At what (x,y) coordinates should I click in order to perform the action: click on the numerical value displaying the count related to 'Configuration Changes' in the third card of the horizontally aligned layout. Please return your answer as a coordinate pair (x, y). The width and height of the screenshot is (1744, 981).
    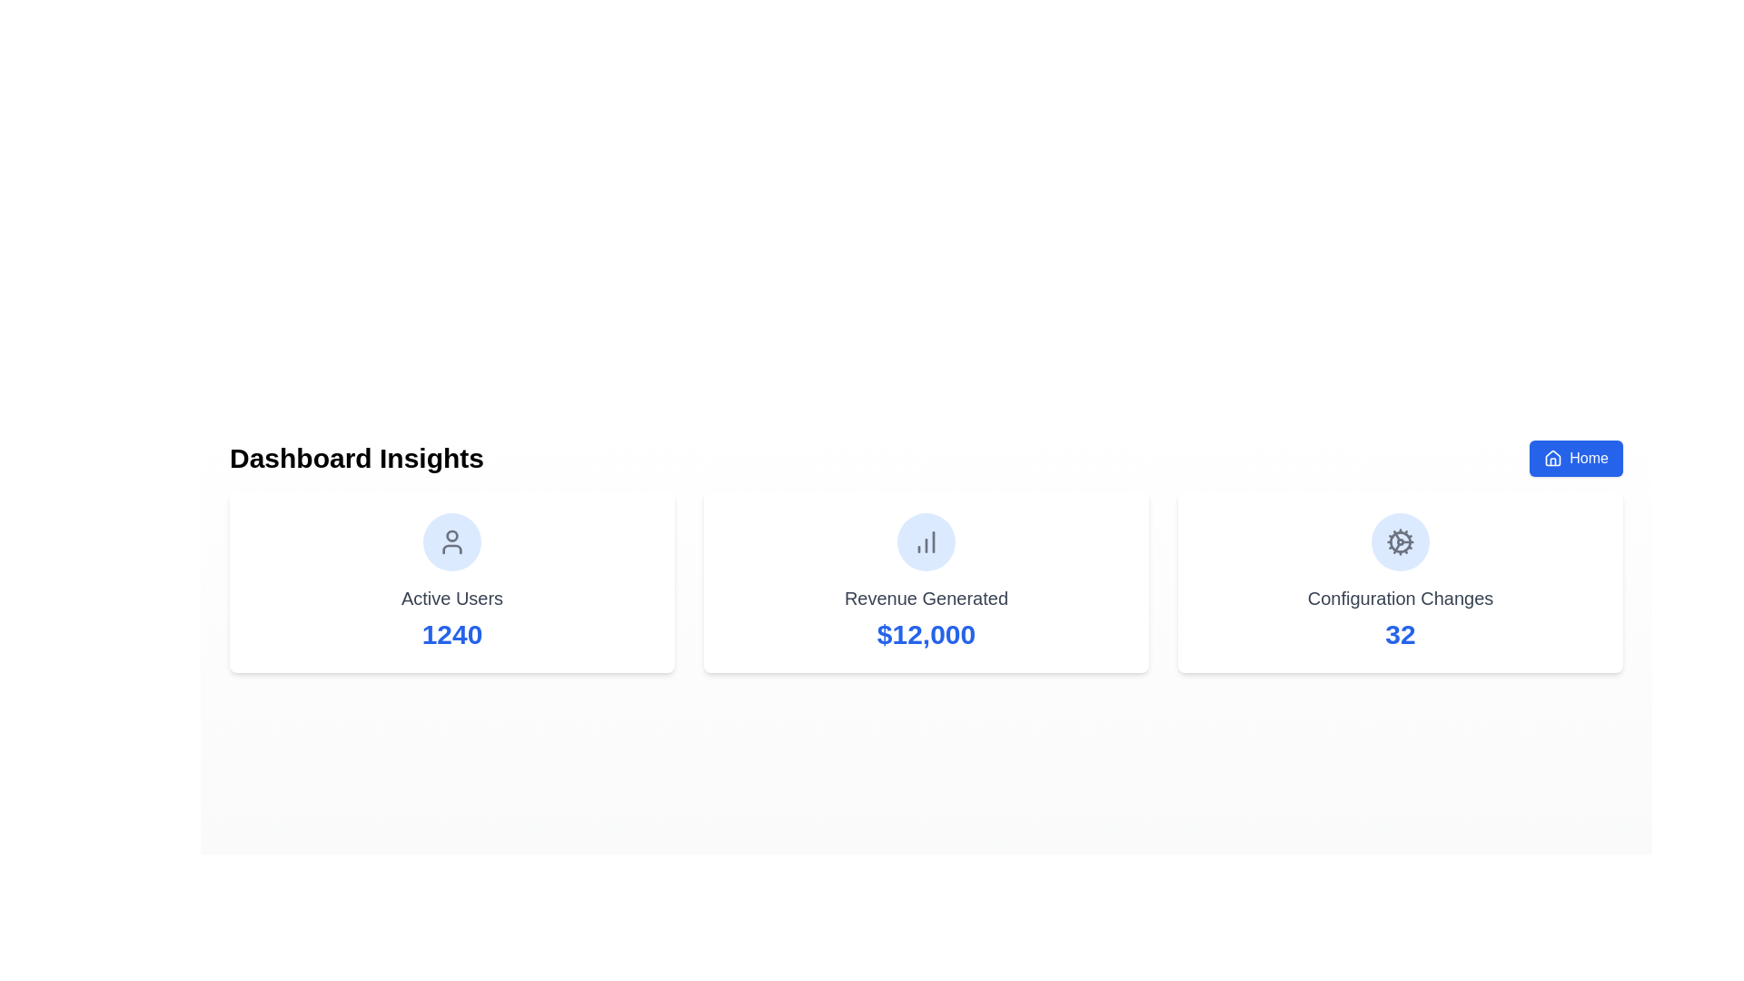
    Looking at the image, I should click on (1399, 633).